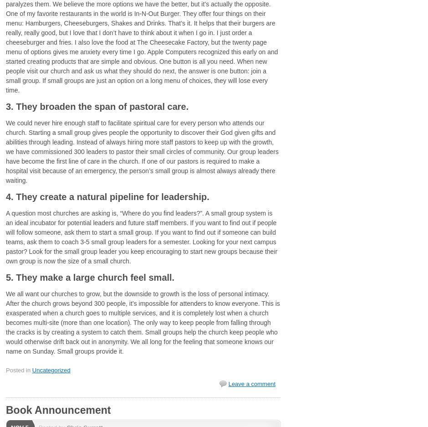 This screenshot has height=427, width=428. What do you see at coordinates (142, 322) in the screenshot?
I see `'We all want our churches to grow, but the downside to growth is the loss of personal intimacy. After the church grows beyond 300 people, it’s impossible for attenders to know everyone. This is exasperated when a church goes to multiple services, and it is completely lost when a church becomes multi-site (more than one location). The only way to keep people from falling through the cracks is by creating a system to catch them. Small groups help the church keep people who would otherwise drift back out in anonymity. We all long for the feeling that someone knows our name on Sunday. Small groups provide it.'` at bounding box center [142, 322].